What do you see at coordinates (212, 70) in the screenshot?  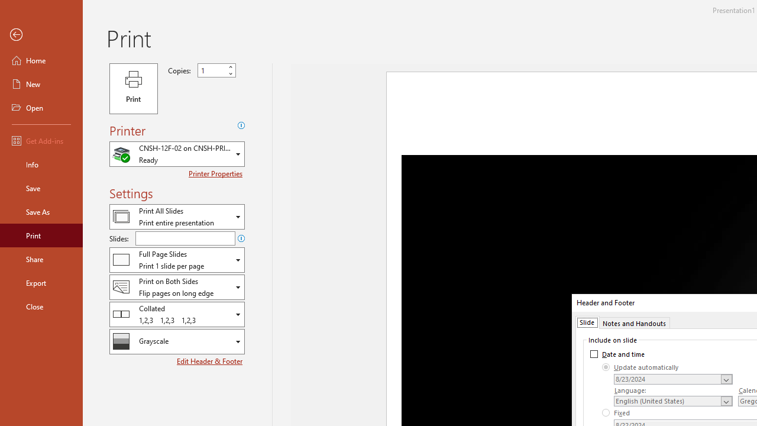 I see `'Copies'` at bounding box center [212, 70].